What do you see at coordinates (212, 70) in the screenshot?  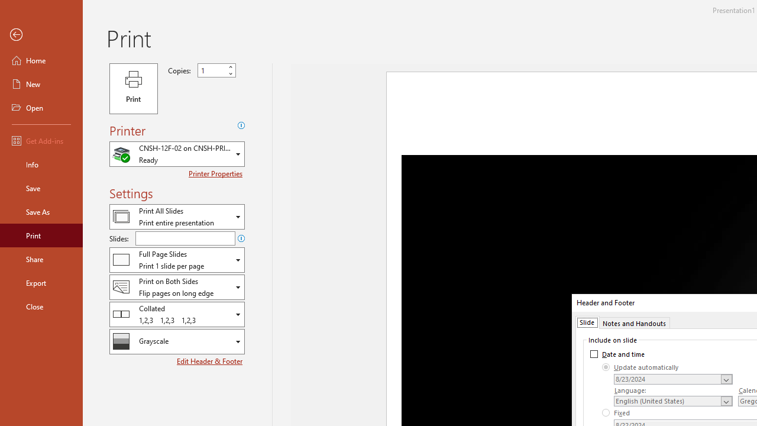 I see `'Copies'` at bounding box center [212, 70].